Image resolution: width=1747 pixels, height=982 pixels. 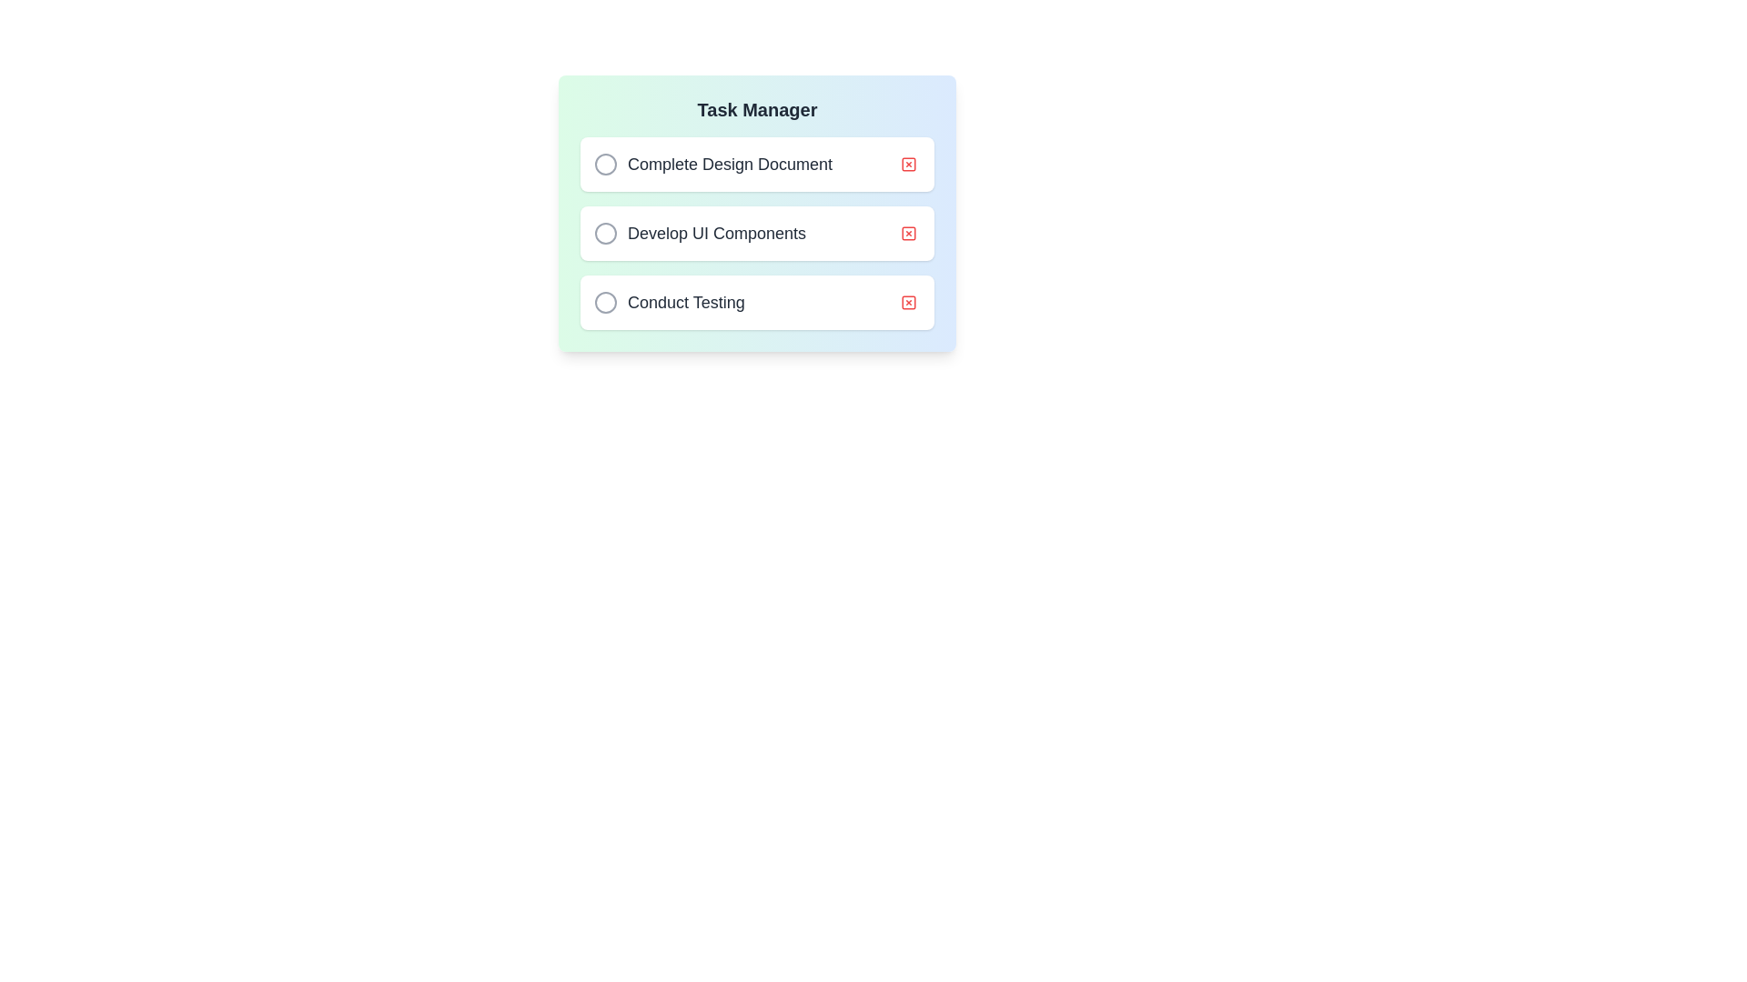 What do you see at coordinates (606, 301) in the screenshot?
I see `the radio button for the task named 'Conduct Testing'` at bounding box center [606, 301].